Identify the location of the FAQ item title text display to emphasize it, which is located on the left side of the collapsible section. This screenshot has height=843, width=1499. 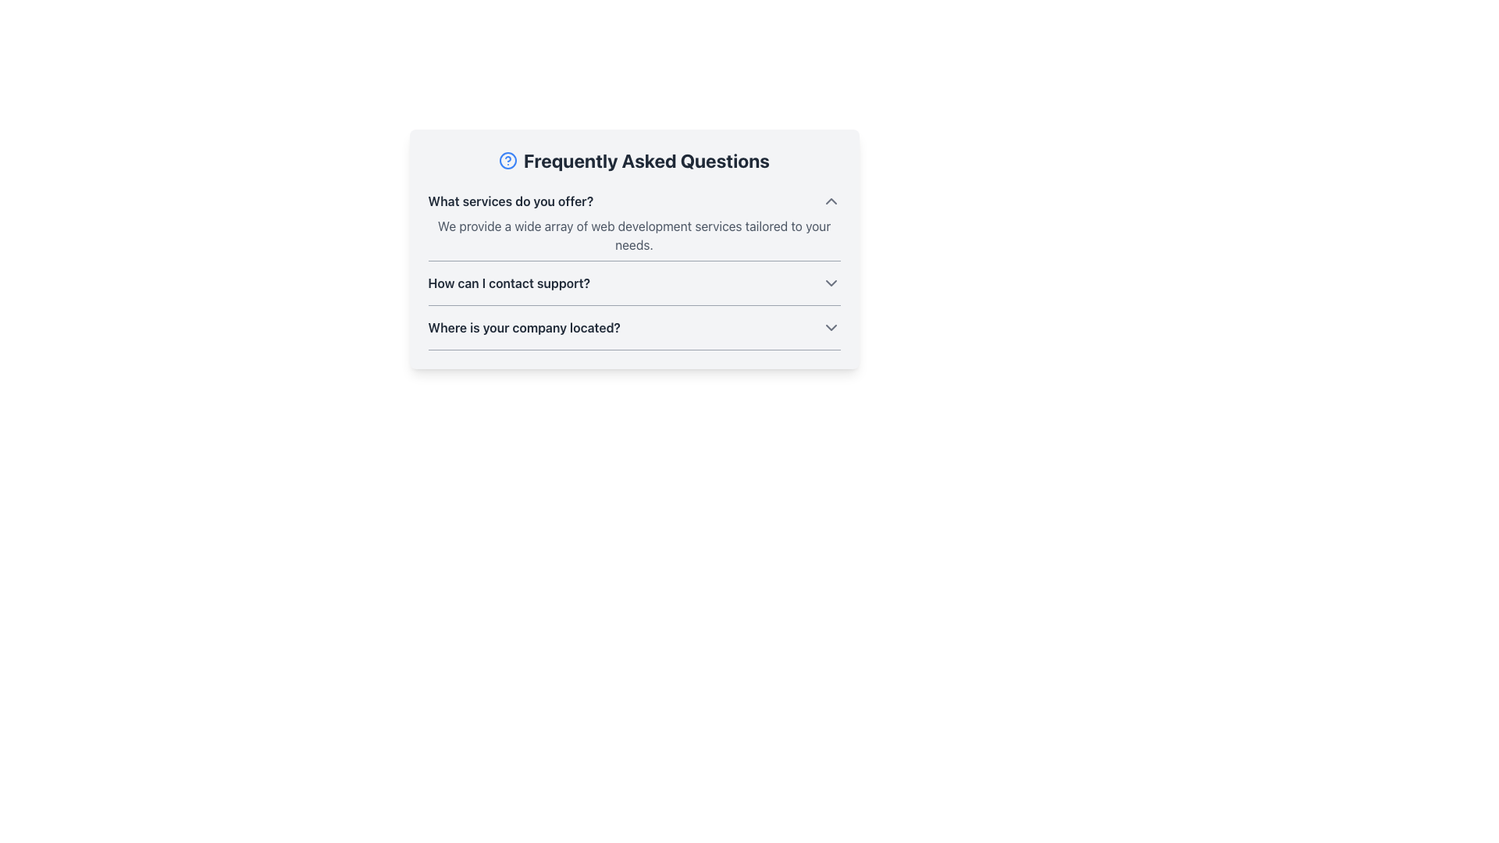
(511, 201).